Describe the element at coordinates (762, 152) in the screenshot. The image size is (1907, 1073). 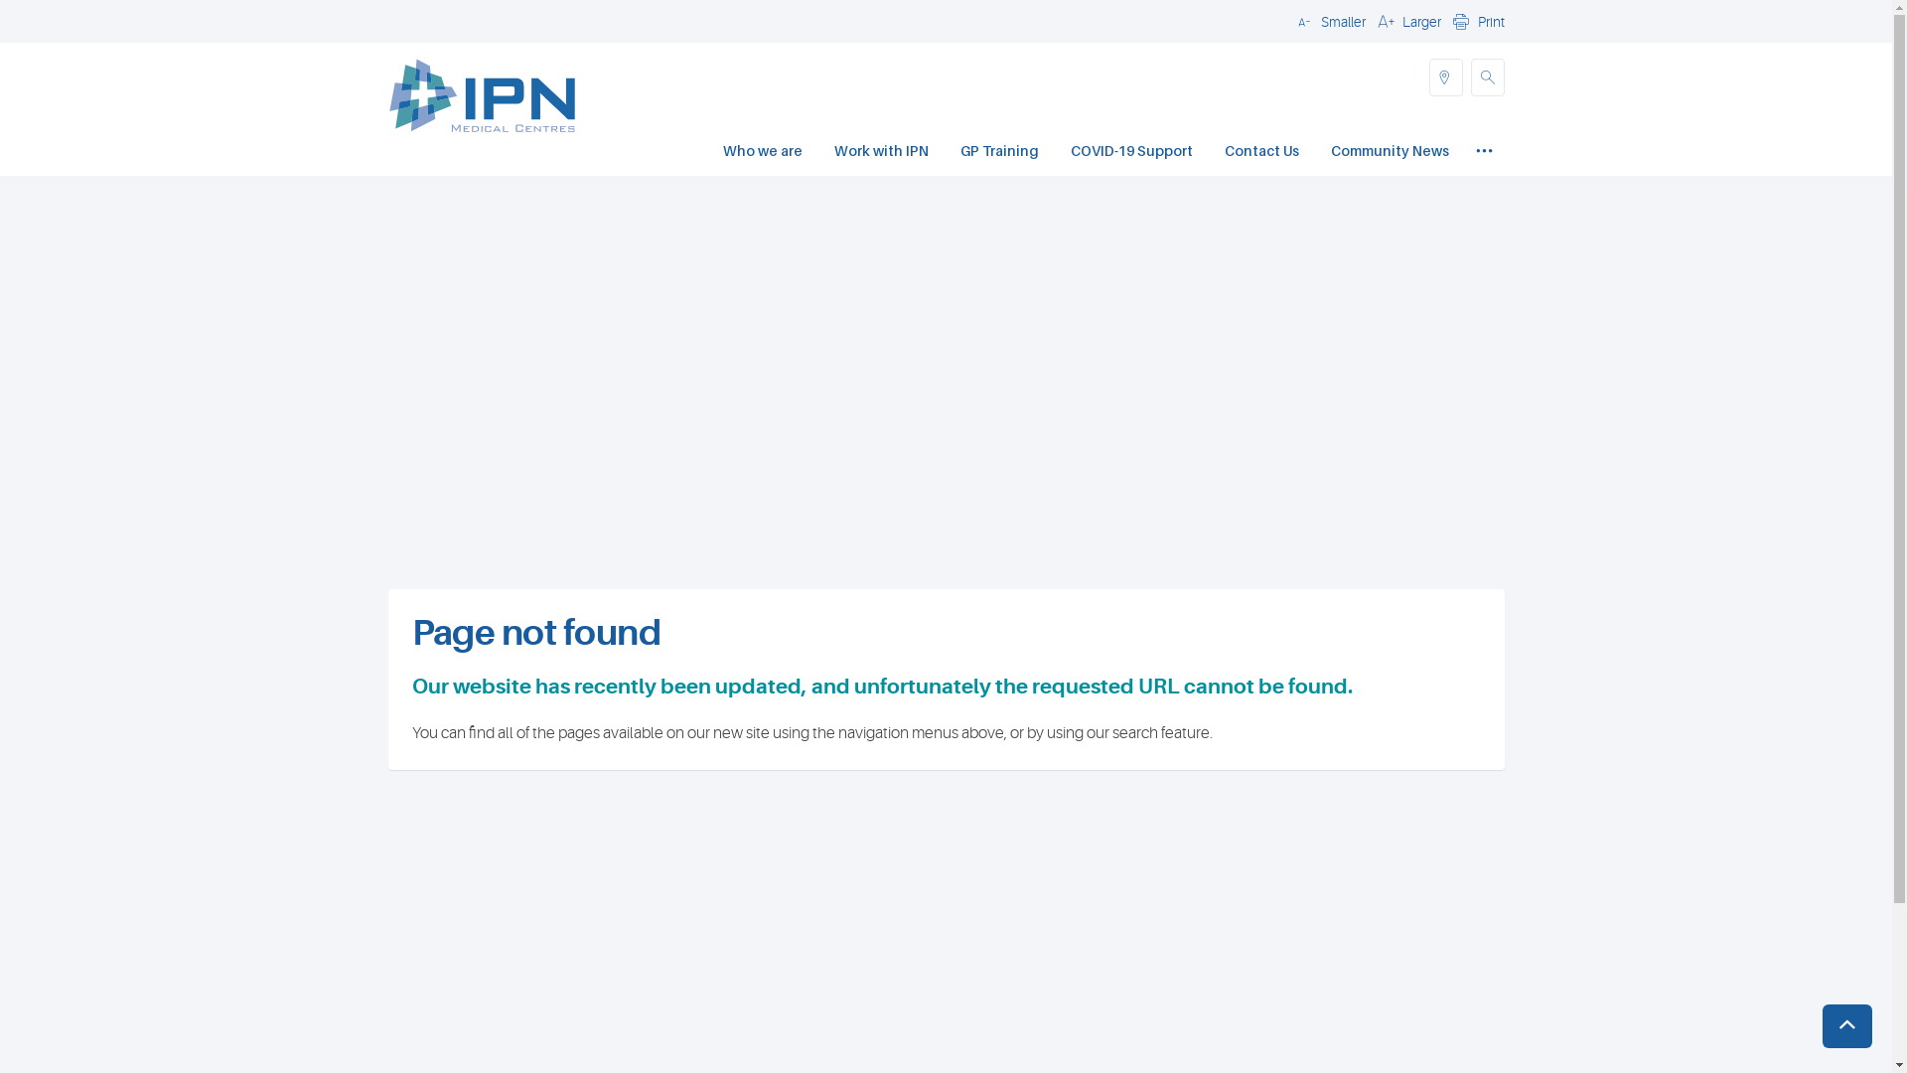
I see `'Who we are'` at that location.